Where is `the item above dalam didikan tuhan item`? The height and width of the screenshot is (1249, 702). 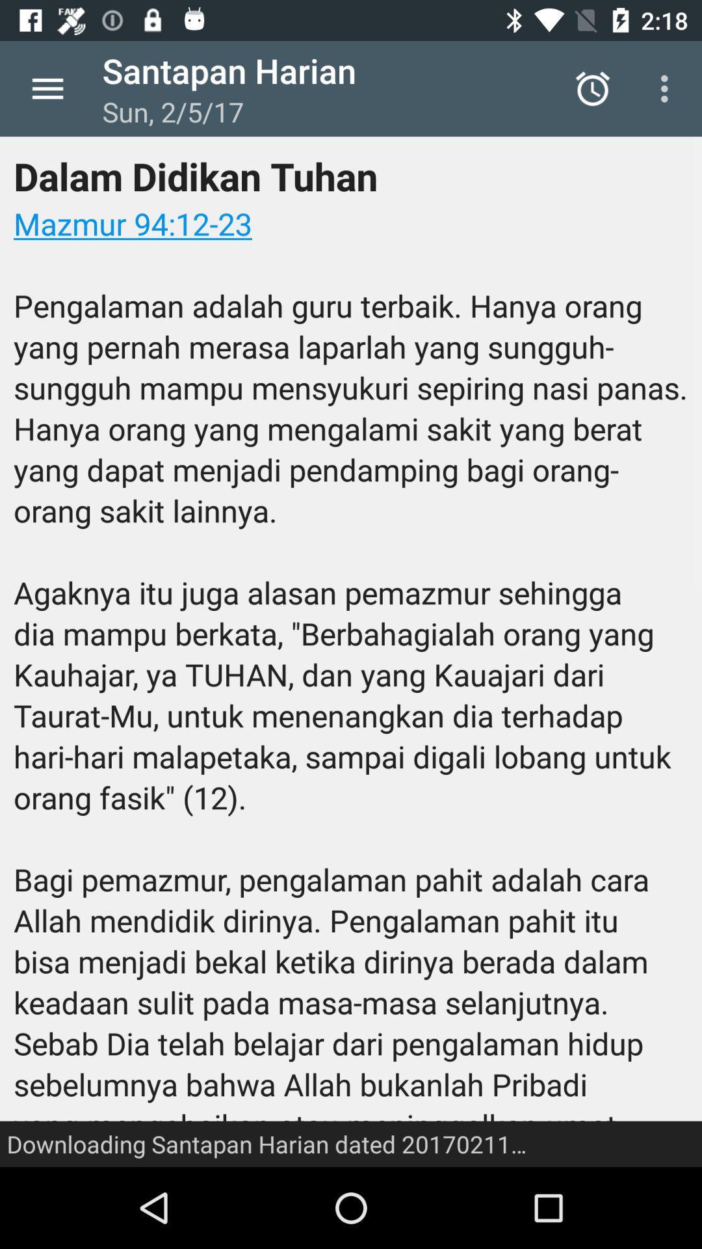 the item above dalam didikan tuhan item is located at coordinates (47, 88).